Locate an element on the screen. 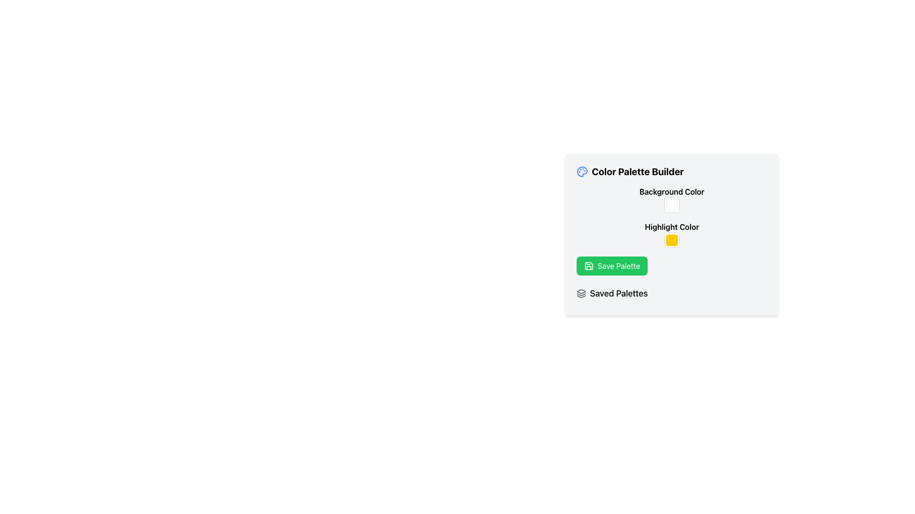 The width and height of the screenshot is (915, 514). the 'Save Palette' button, which is a green rounded rectangular button with a save icon and white text, located in the 'Color Palette Builder' section is located at coordinates (612, 266).